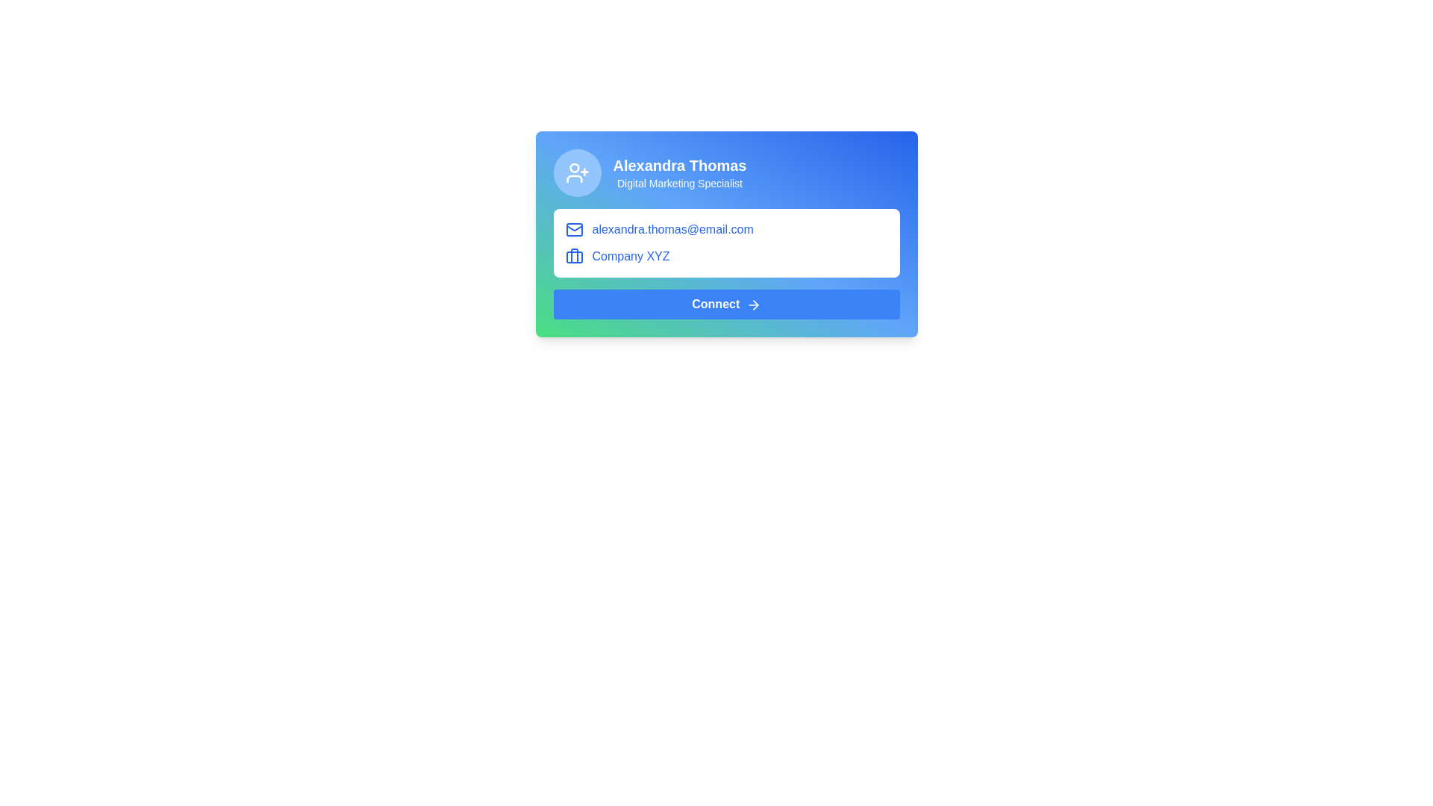 The height and width of the screenshot is (806, 1433). Describe the element at coordinates (726, 230) in the screenshot. I see `the user's email address displayed in the information block of the card` at that location.